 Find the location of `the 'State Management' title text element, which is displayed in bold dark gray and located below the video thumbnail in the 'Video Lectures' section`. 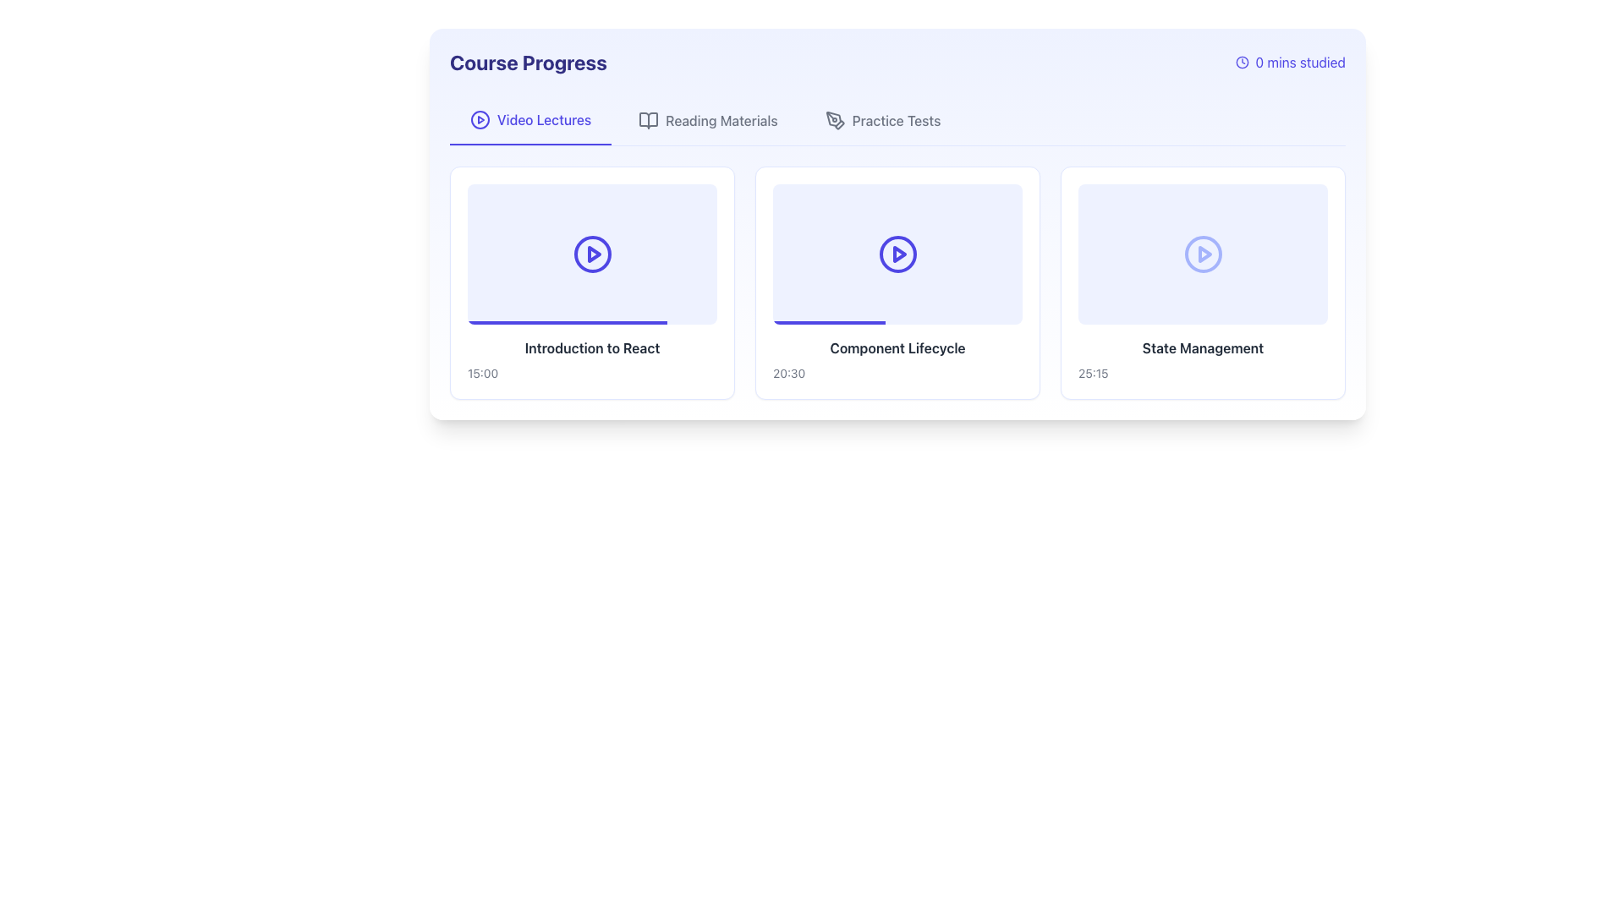

the 'State Management' title text element, which is displayed in bold dark gray and located below the video thumbnail in the 'Video Lectures' section is located at coordinates (1202, 347).